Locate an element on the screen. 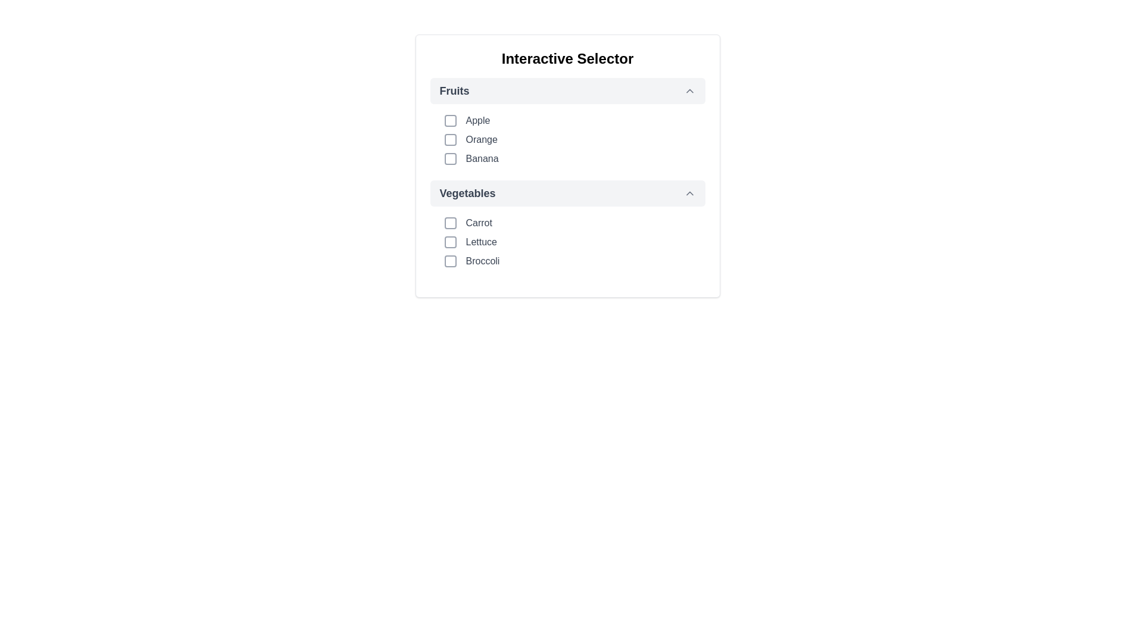  the checkmark icon indicating that the 'Banana' option is selected in the 'Fruits' section of the interactive selector interface is located at coordinates (449, 158).